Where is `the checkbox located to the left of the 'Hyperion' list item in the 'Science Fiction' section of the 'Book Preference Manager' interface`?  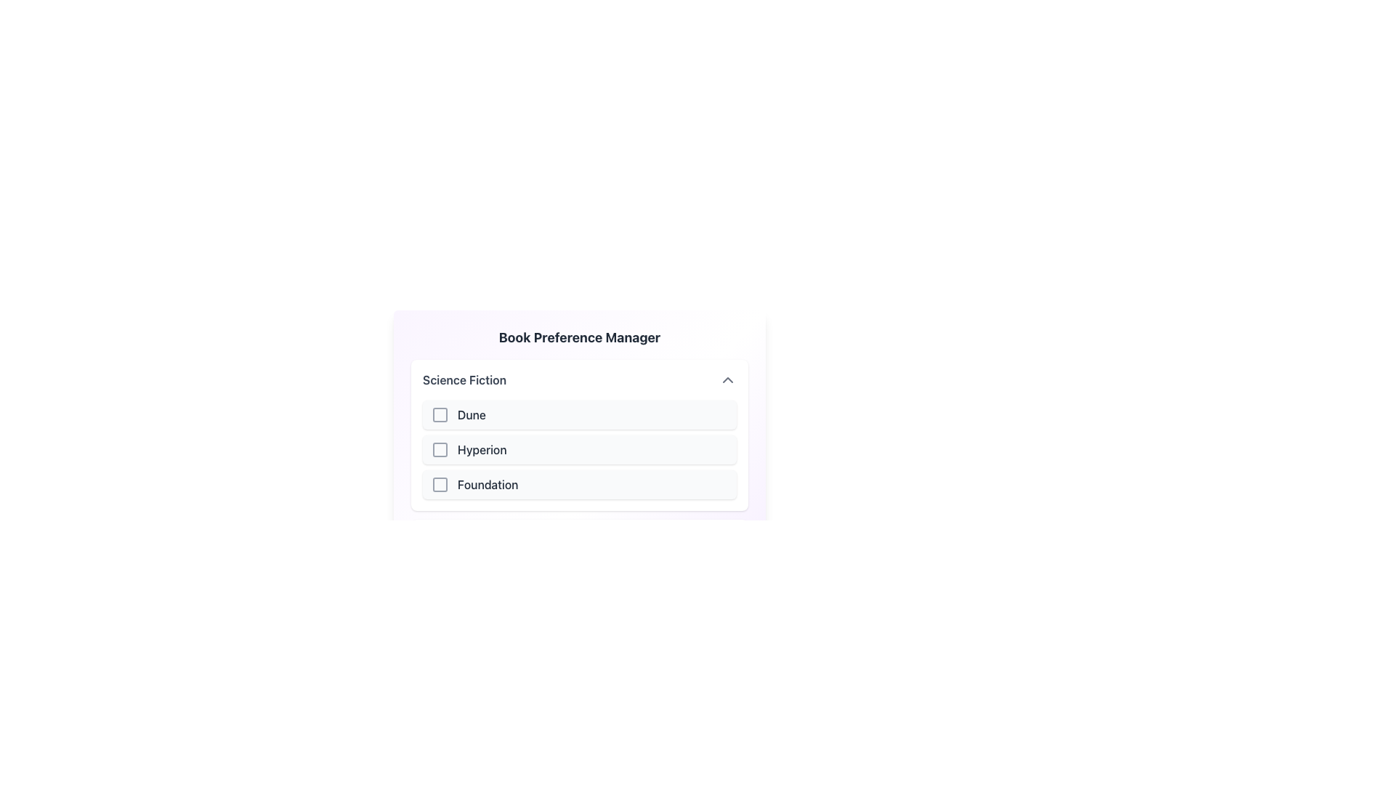
the checkbox located to the left of the 'Hyperion' list item in the 'Science Fiction' section of the 'Book Preference Manager' interface is located at coordinates (439, 448).